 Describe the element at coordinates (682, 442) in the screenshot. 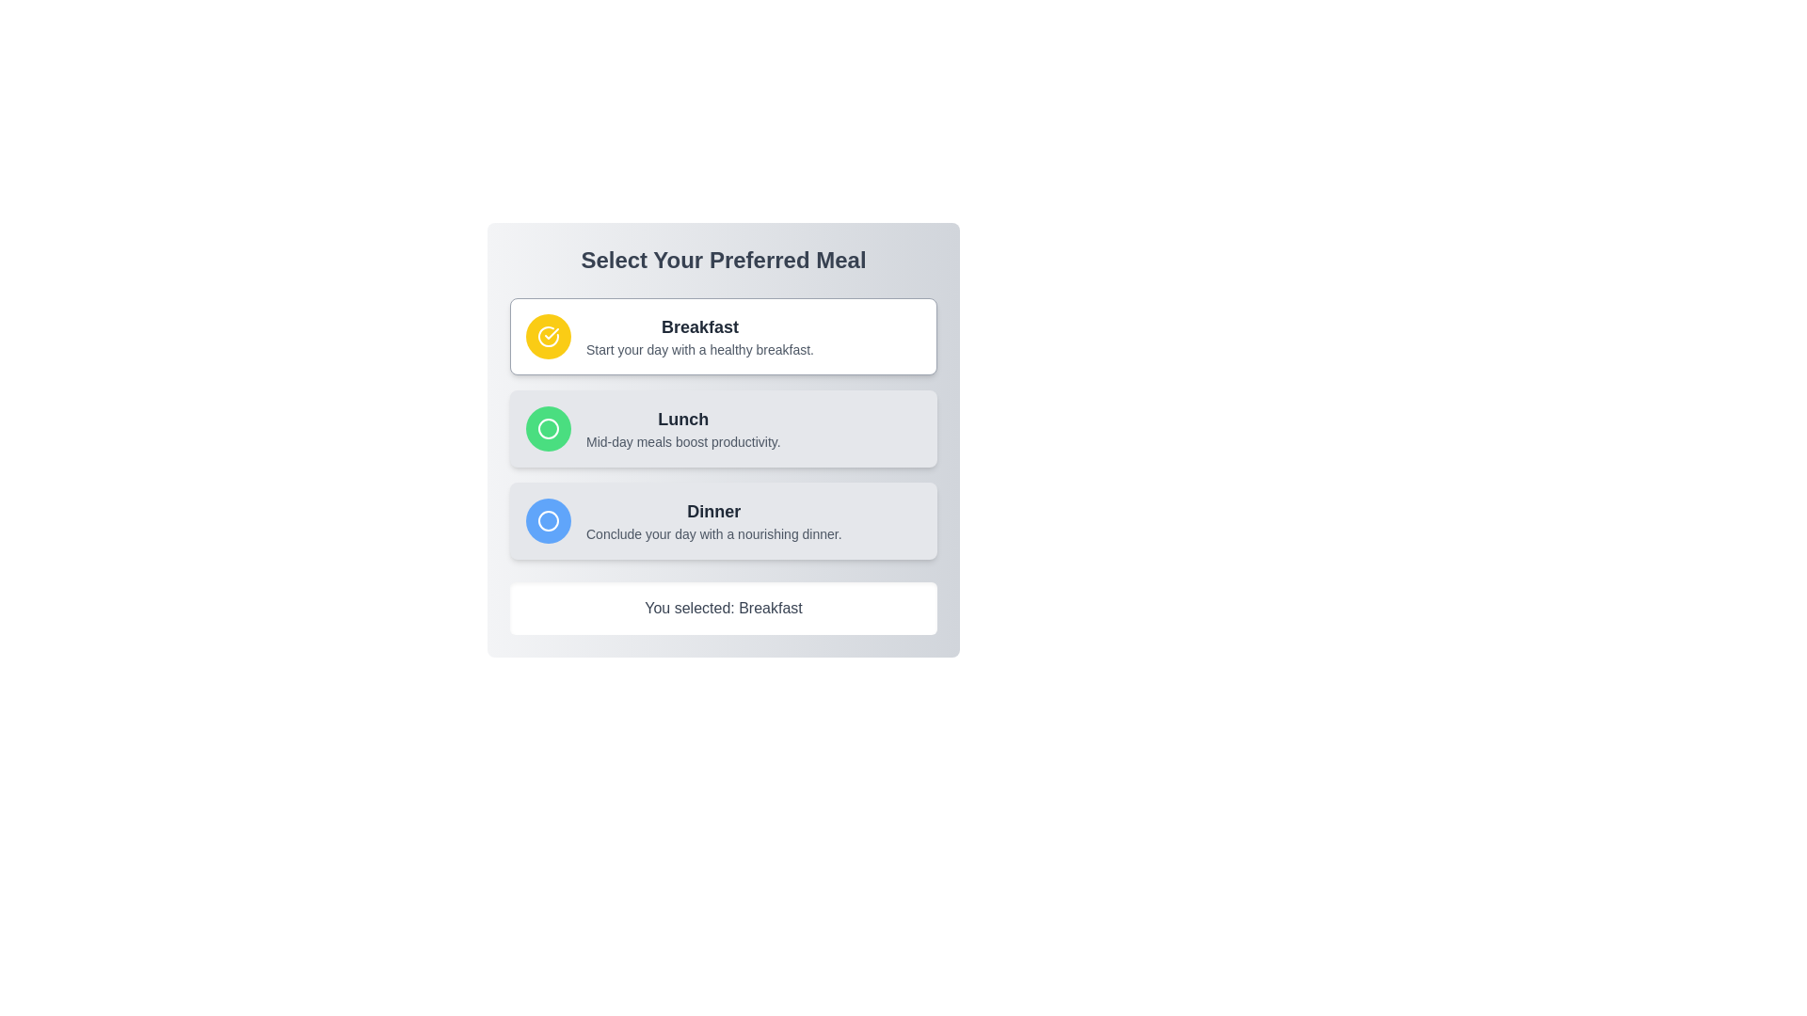

I see `the text label reading 'Mid-day meals boost productivity.' which is styled with a small font size and gray color, located beneath the title 'Lunch'` at that location.